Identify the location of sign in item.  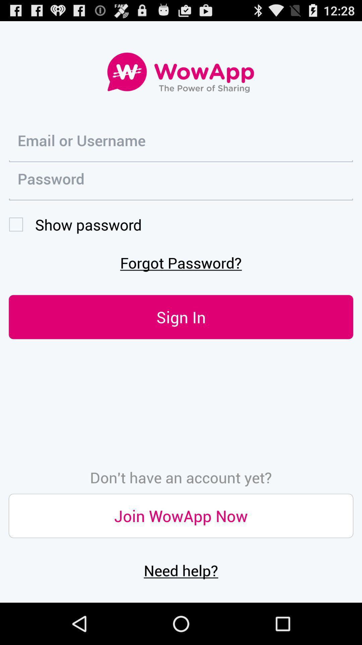
(181, 316).